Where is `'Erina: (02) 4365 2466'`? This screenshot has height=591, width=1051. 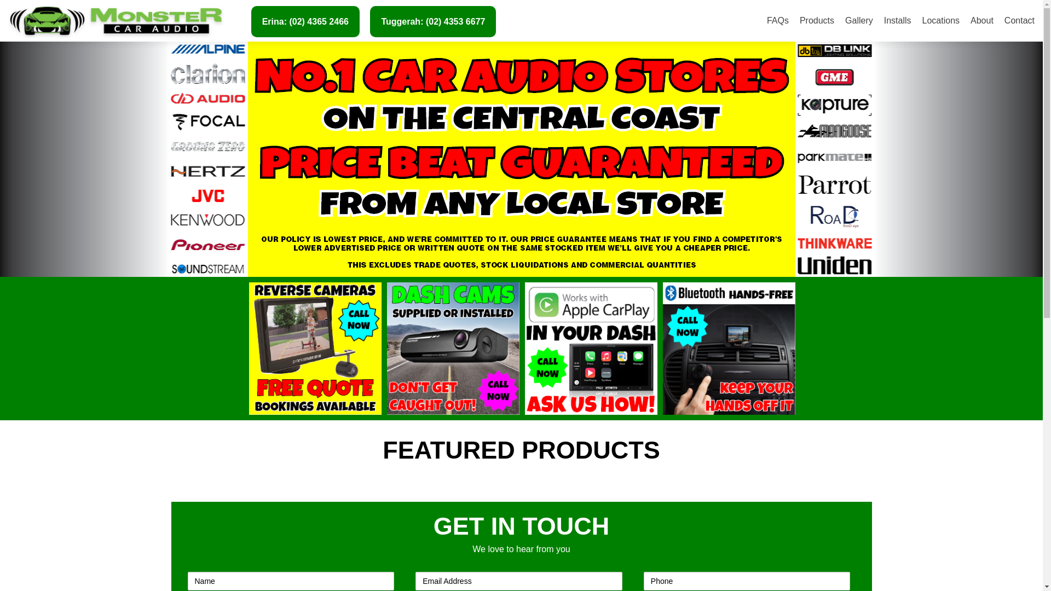
'Erina: (02) 4365 2466' is located at coordinates (305, 21).